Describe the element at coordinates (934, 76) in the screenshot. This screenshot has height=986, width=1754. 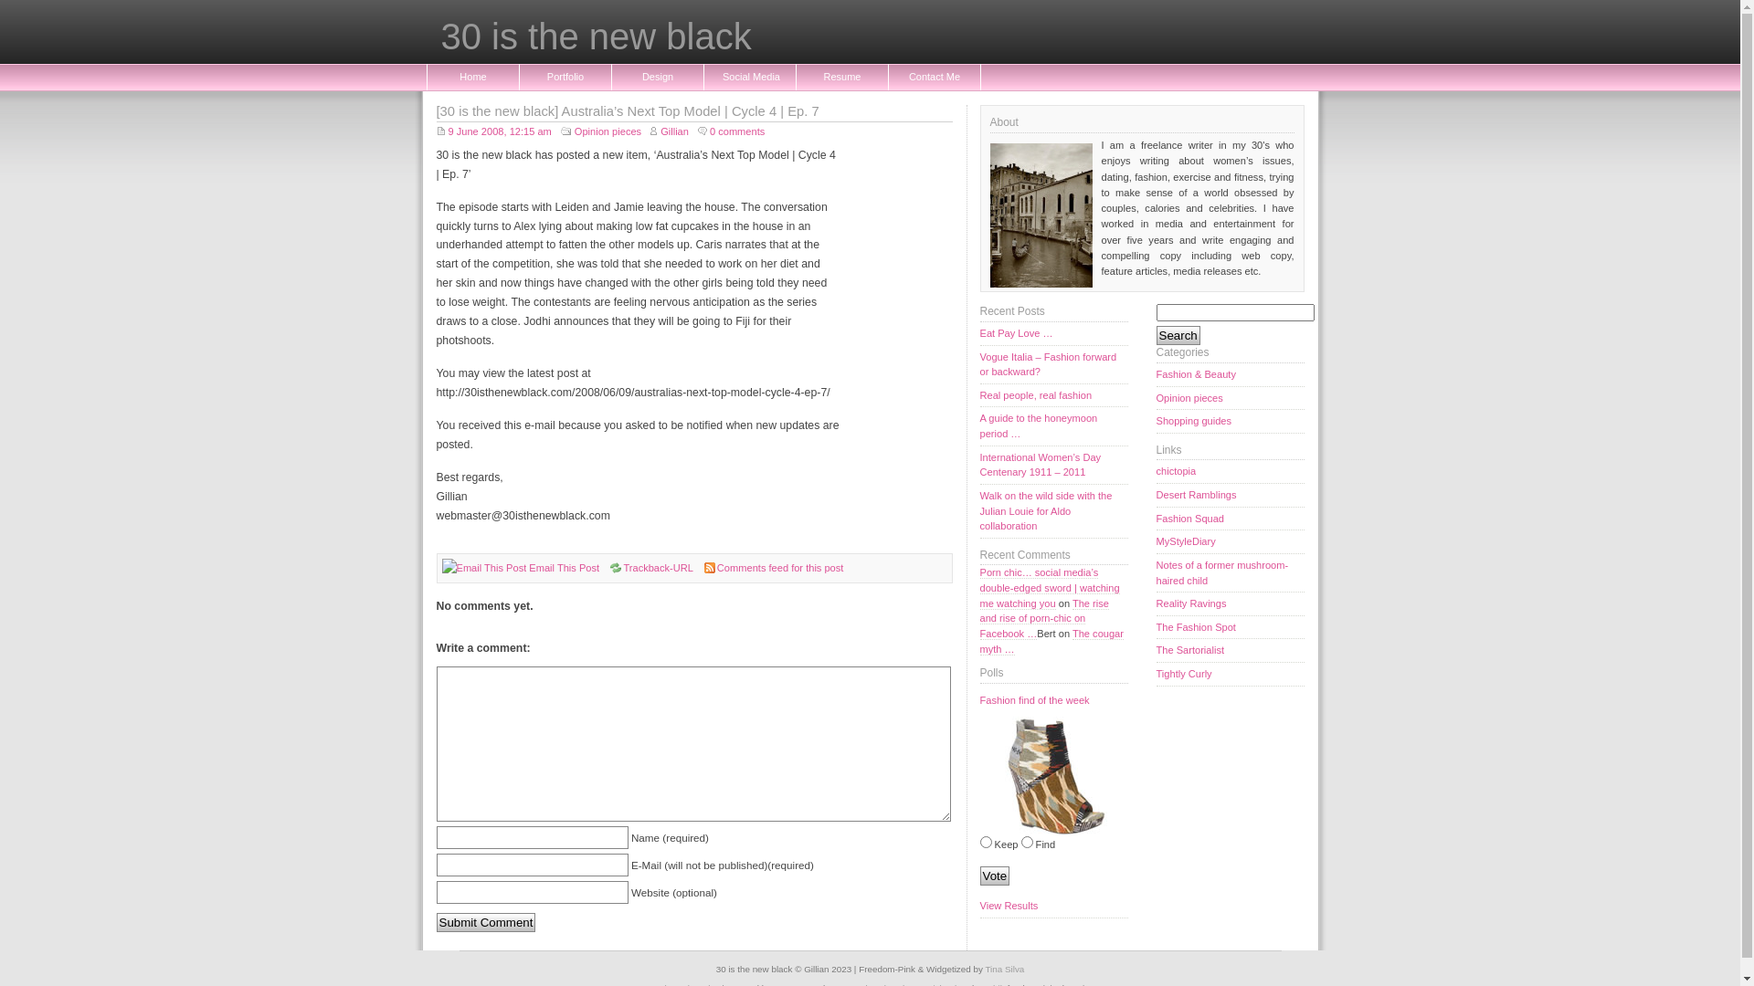
I see `'Contact Me'` at that location.